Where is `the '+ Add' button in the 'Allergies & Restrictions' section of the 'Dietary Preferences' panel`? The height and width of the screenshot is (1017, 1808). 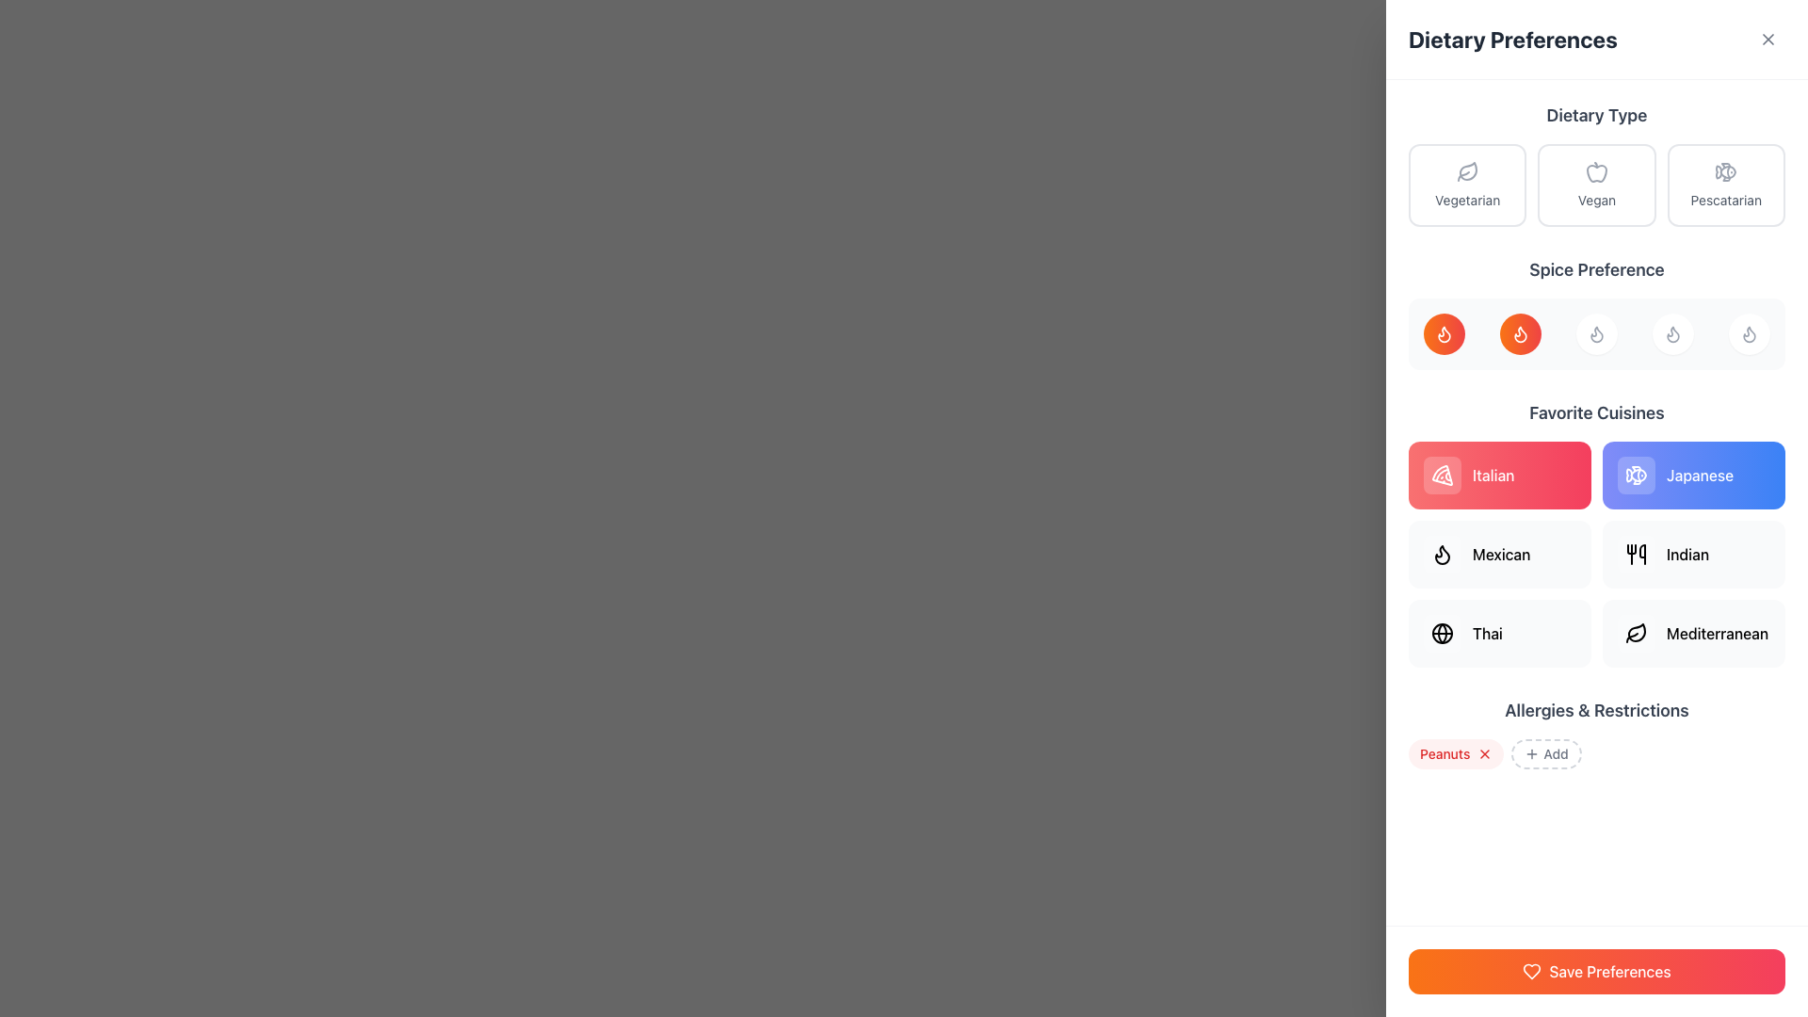 the '+ Add' button in the 'Allergies & Restrictions' section of the 'Dietary Preferences' panel is located at coordinates (1595, 733).